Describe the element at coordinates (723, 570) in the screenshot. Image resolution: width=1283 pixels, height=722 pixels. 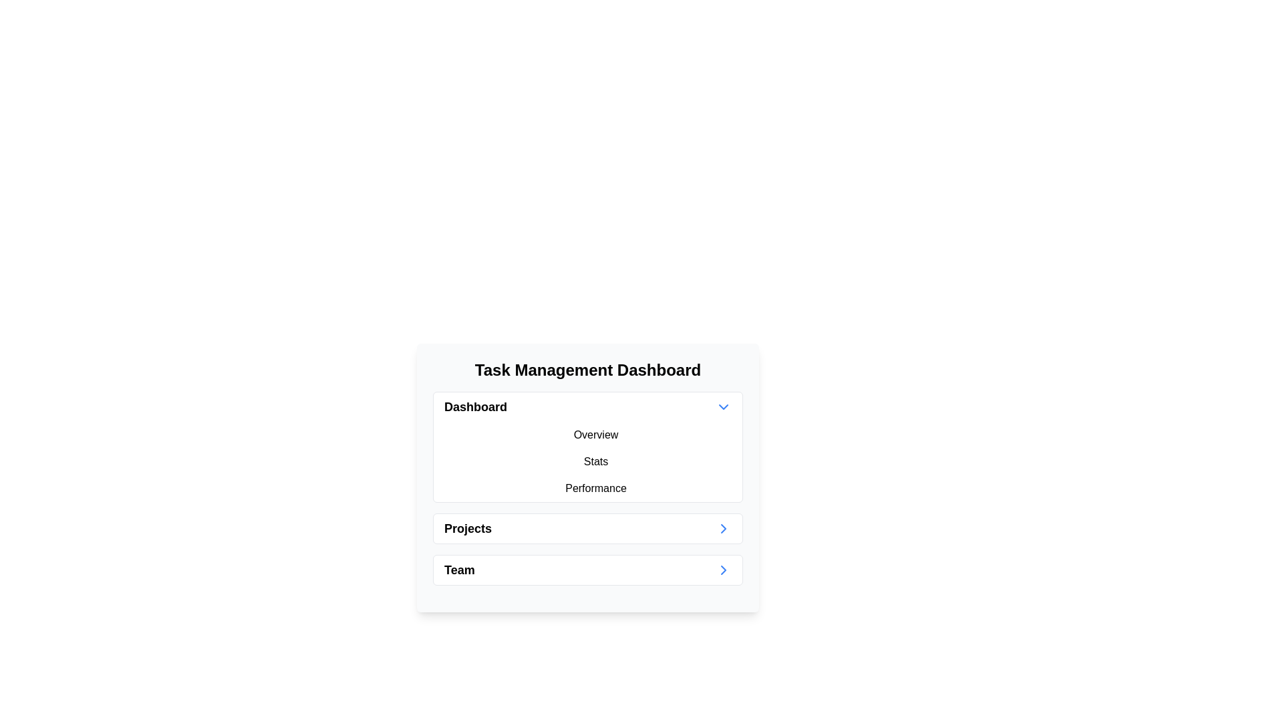
I see `the blue right-pointing arrow icon located in the bottom-right corner of the row labeled 'Team'` at that location.